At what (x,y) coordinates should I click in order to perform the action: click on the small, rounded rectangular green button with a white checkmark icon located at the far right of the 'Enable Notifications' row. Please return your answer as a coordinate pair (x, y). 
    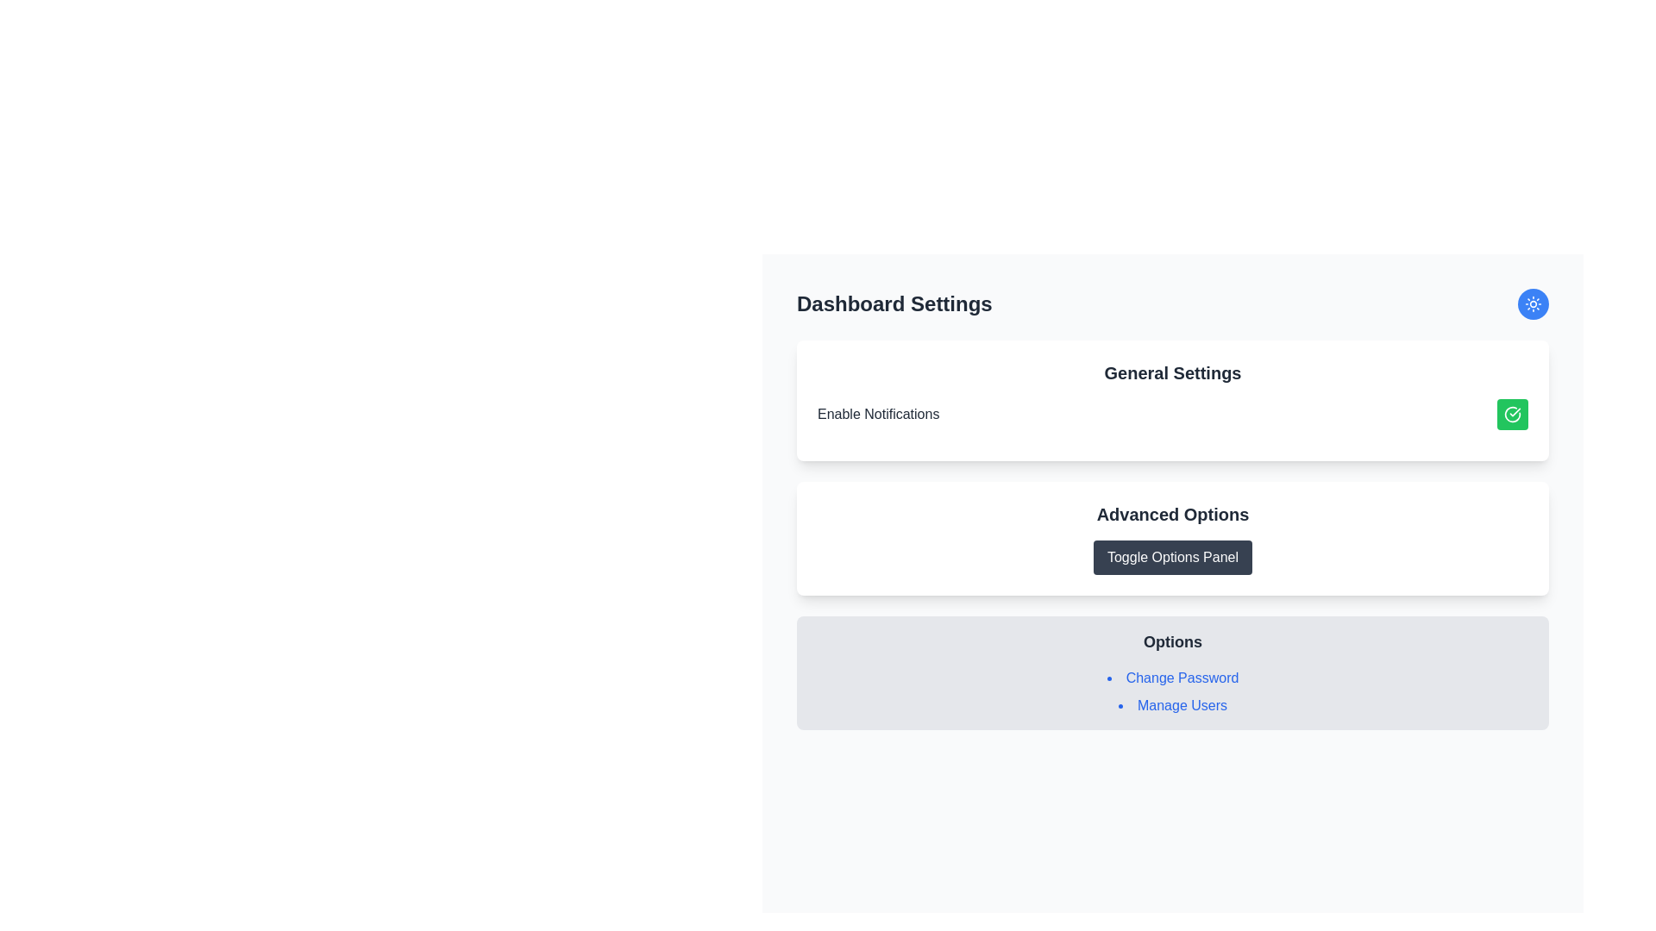
    Looking at the image, I should click on (1511, 415).